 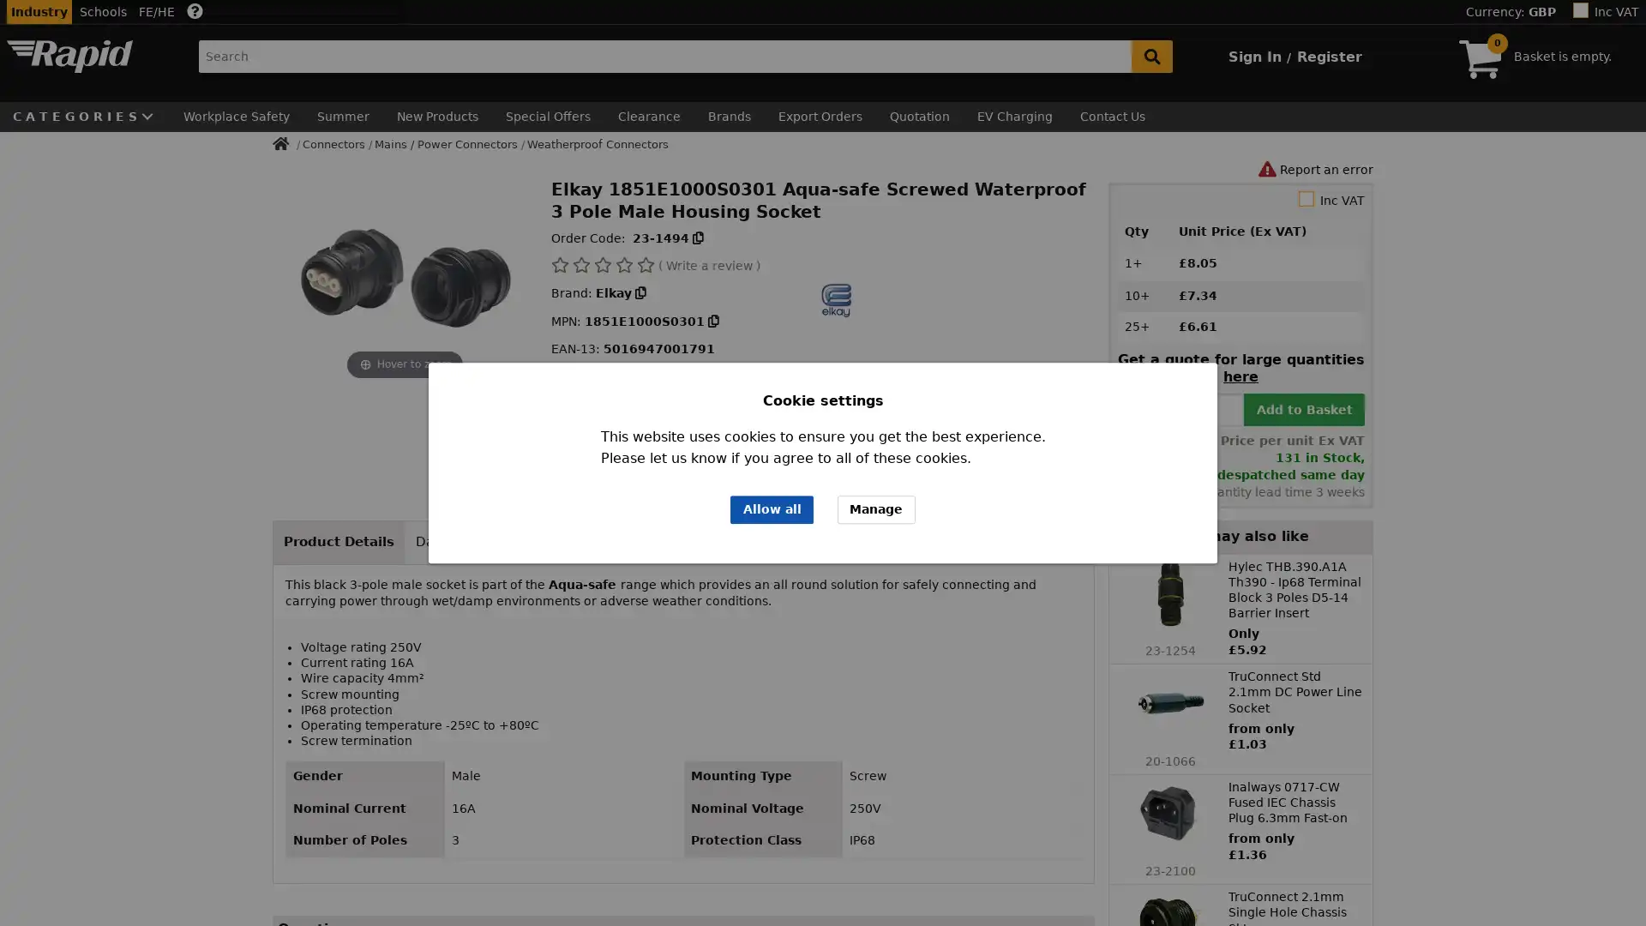 I want to click on Write a Review, so click(x=1029, y=885).